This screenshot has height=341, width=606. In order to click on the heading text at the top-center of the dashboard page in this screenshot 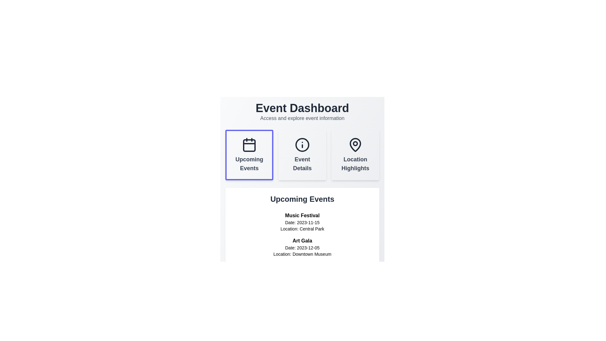, I will do `click(302, 108)`.